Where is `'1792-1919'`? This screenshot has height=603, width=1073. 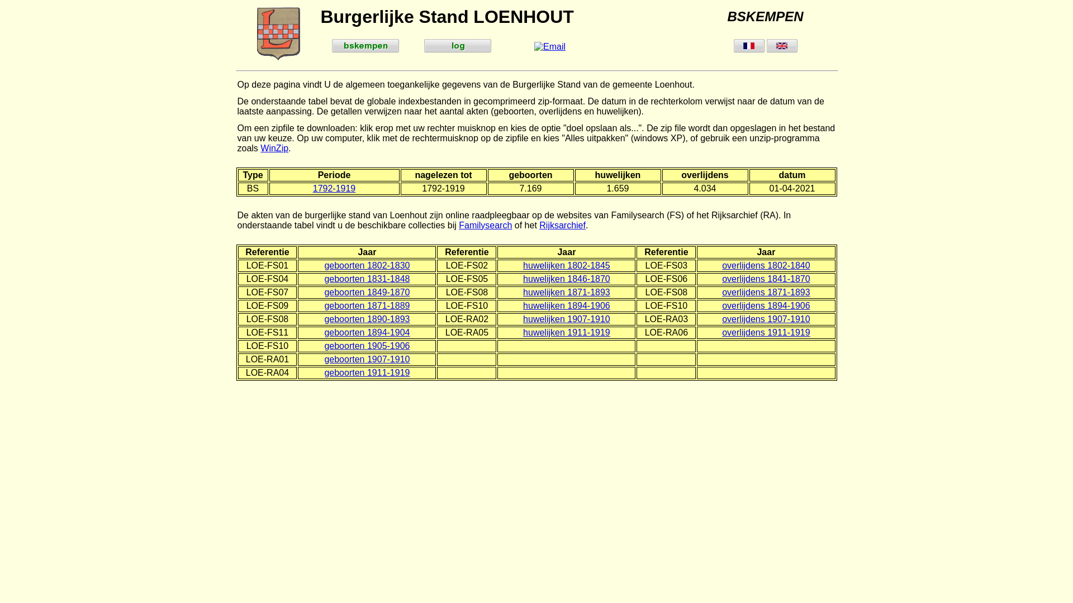 '1792-1919' is located at coordinates (313, 188).